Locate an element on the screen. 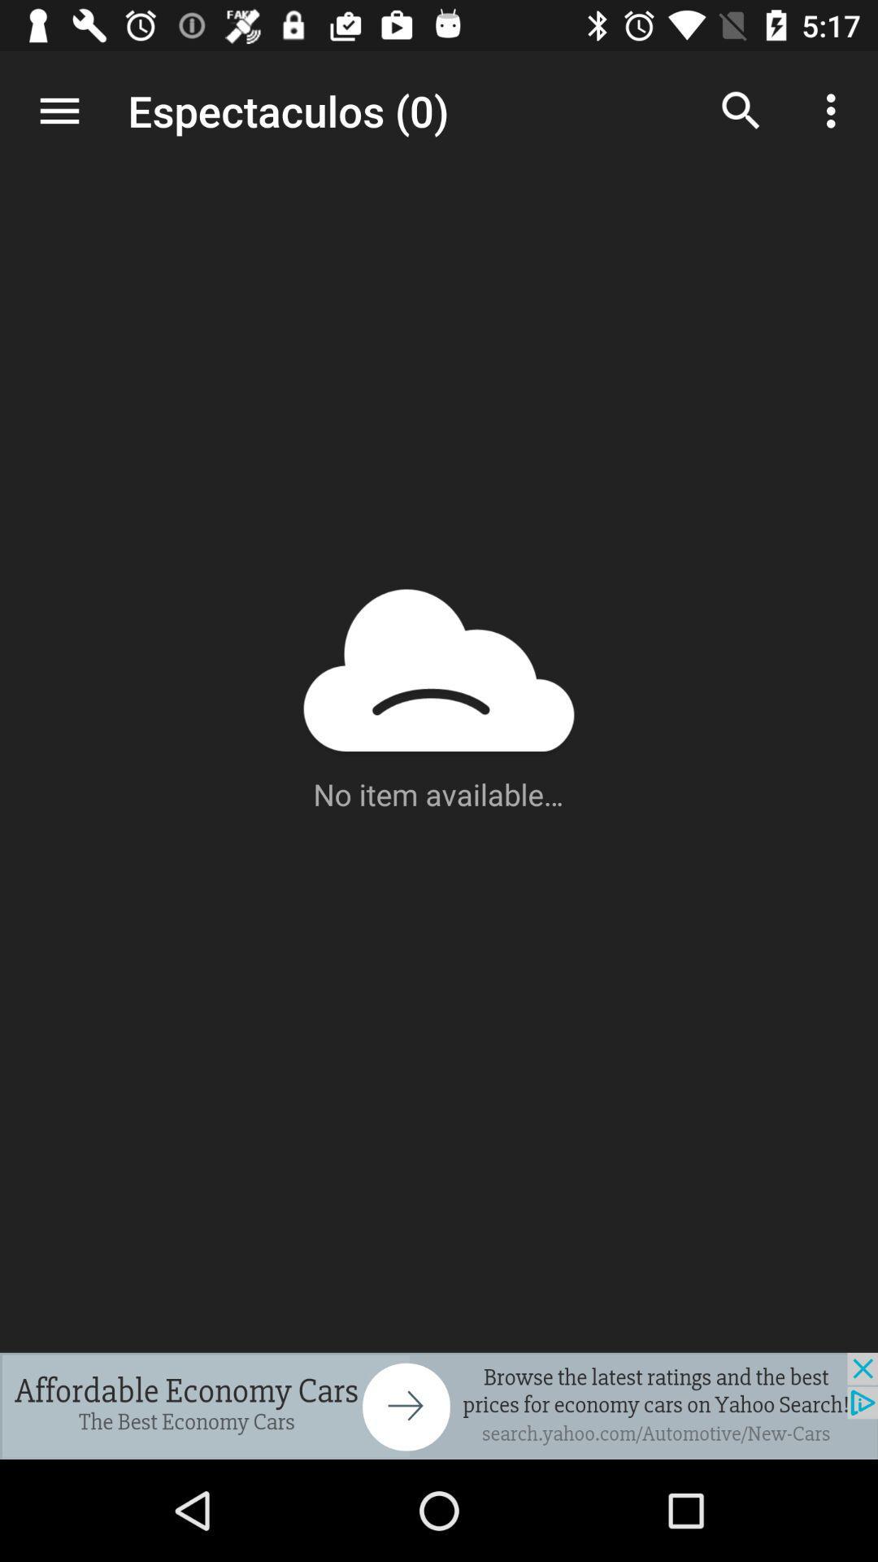  opens advertisement is located at coordinates (439, 1405).